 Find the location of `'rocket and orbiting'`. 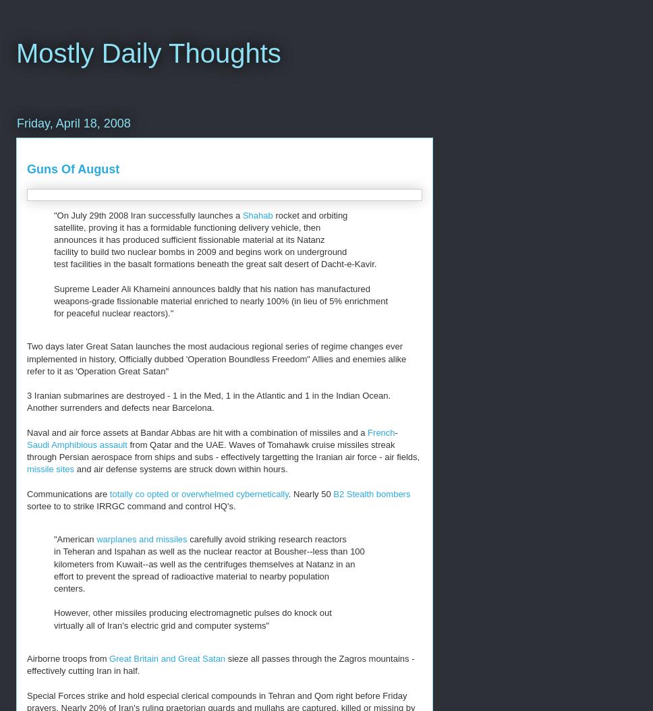

'rocket and orbiting' is located at coordinates (310, 215).